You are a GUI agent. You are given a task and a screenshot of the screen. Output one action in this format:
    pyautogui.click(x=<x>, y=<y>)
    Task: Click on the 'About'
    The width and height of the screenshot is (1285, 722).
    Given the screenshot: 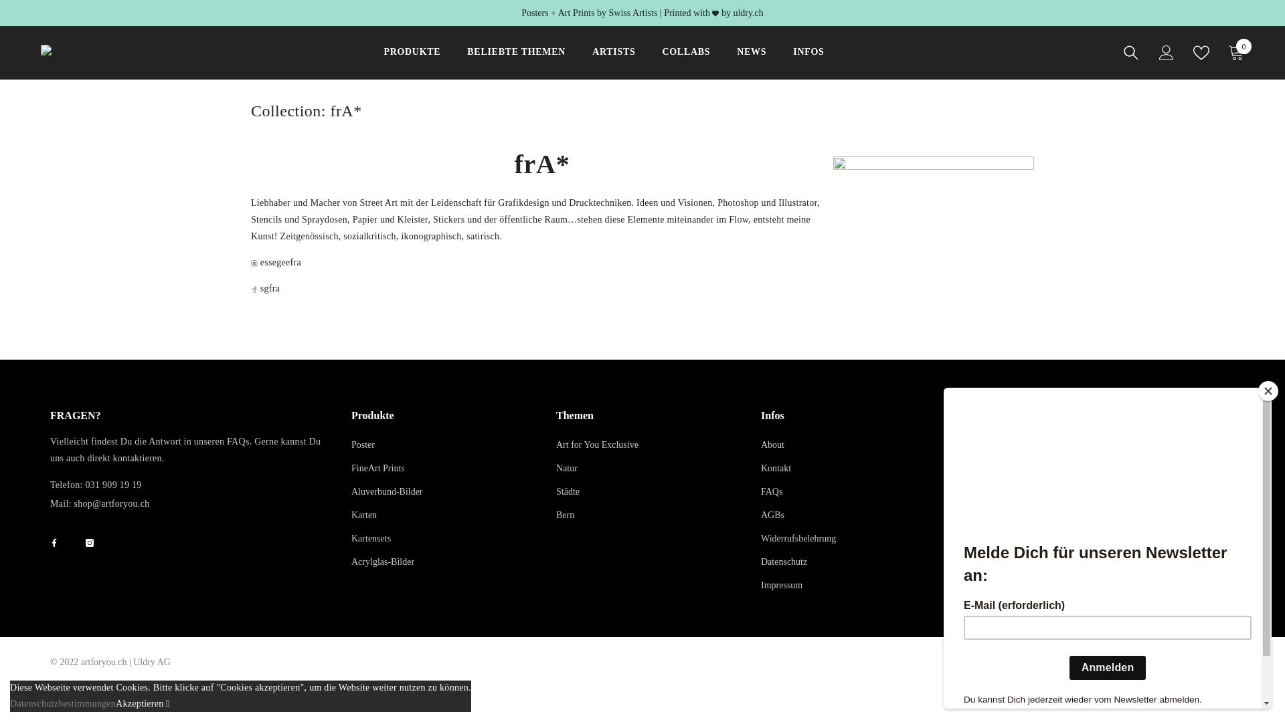 What is the action you would take?
    pyautogui.click(x=772, y=445)
    